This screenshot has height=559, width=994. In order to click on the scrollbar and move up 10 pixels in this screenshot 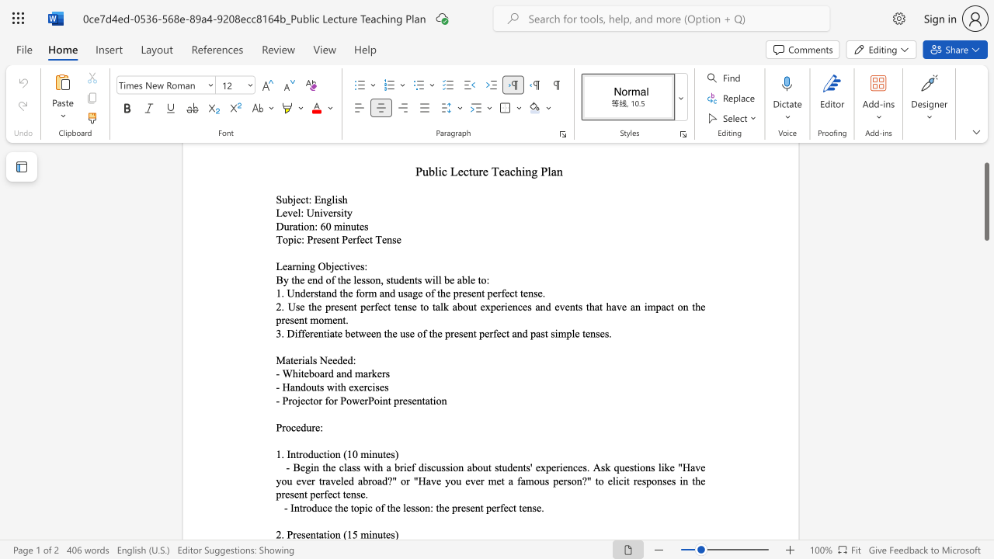, I will do `click(985, 200)`.